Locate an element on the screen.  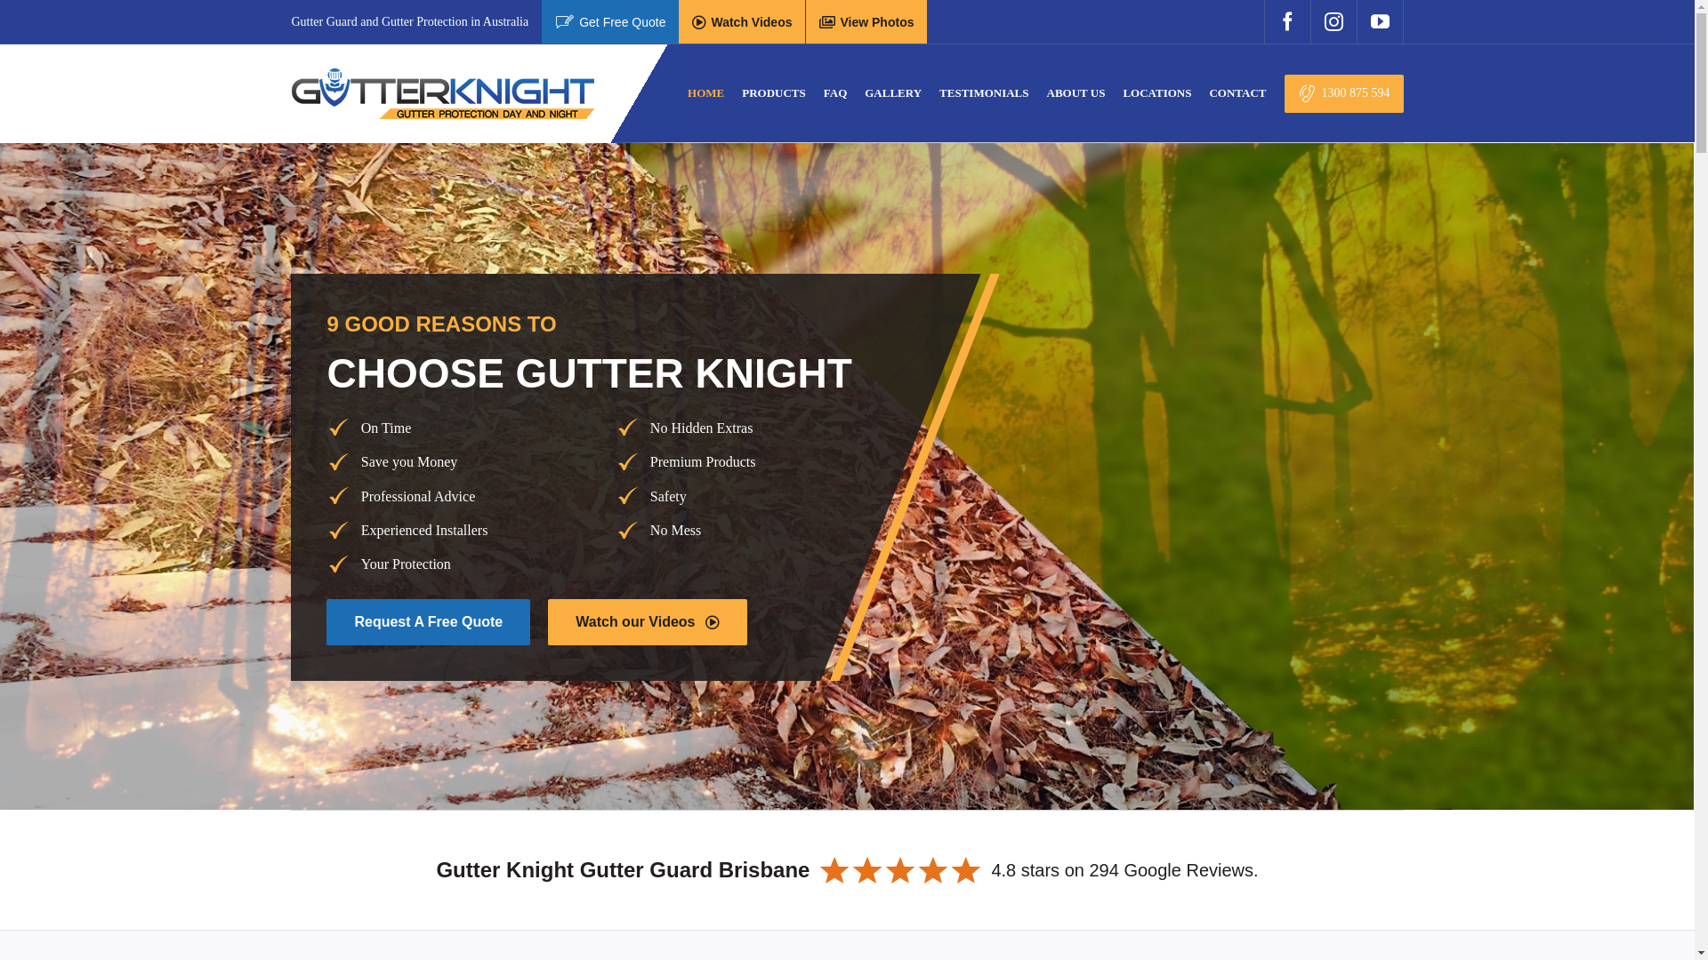
'FAQ' is located at coordinates (834, 92).